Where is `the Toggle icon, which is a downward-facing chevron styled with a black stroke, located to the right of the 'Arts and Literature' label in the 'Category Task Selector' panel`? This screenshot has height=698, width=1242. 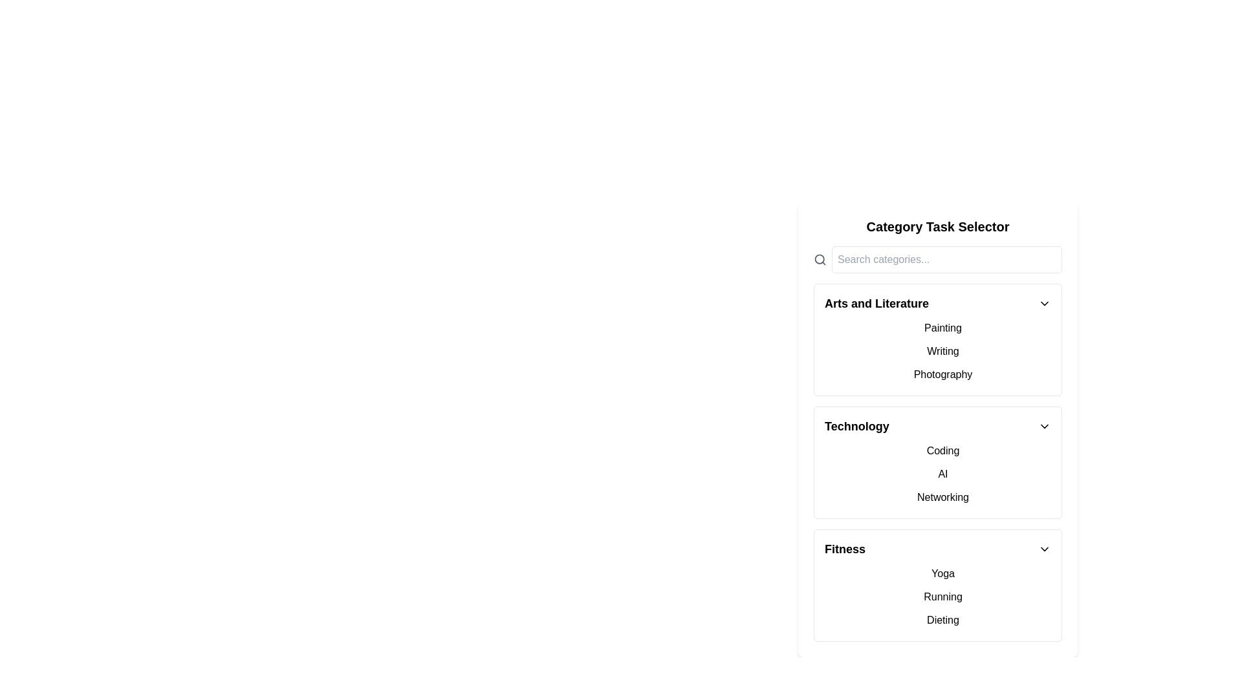
the Toggle icon, which is a downward-facing chevron styled with a black stroke, located to the right of the 'Arts and Literature' label in the 'Category Task Selector' panel is located at coordinates (1044, 304).